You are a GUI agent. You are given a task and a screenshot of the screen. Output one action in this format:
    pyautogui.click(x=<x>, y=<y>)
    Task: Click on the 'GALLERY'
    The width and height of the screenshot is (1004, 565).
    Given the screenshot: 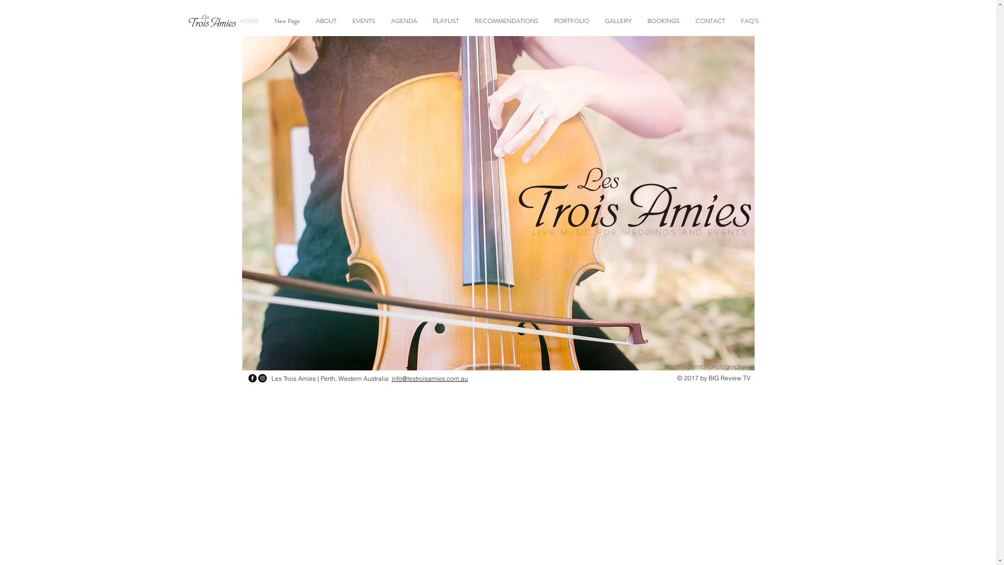 What is the action you would take?
    pyautogui.click(x=618, y=21)
    